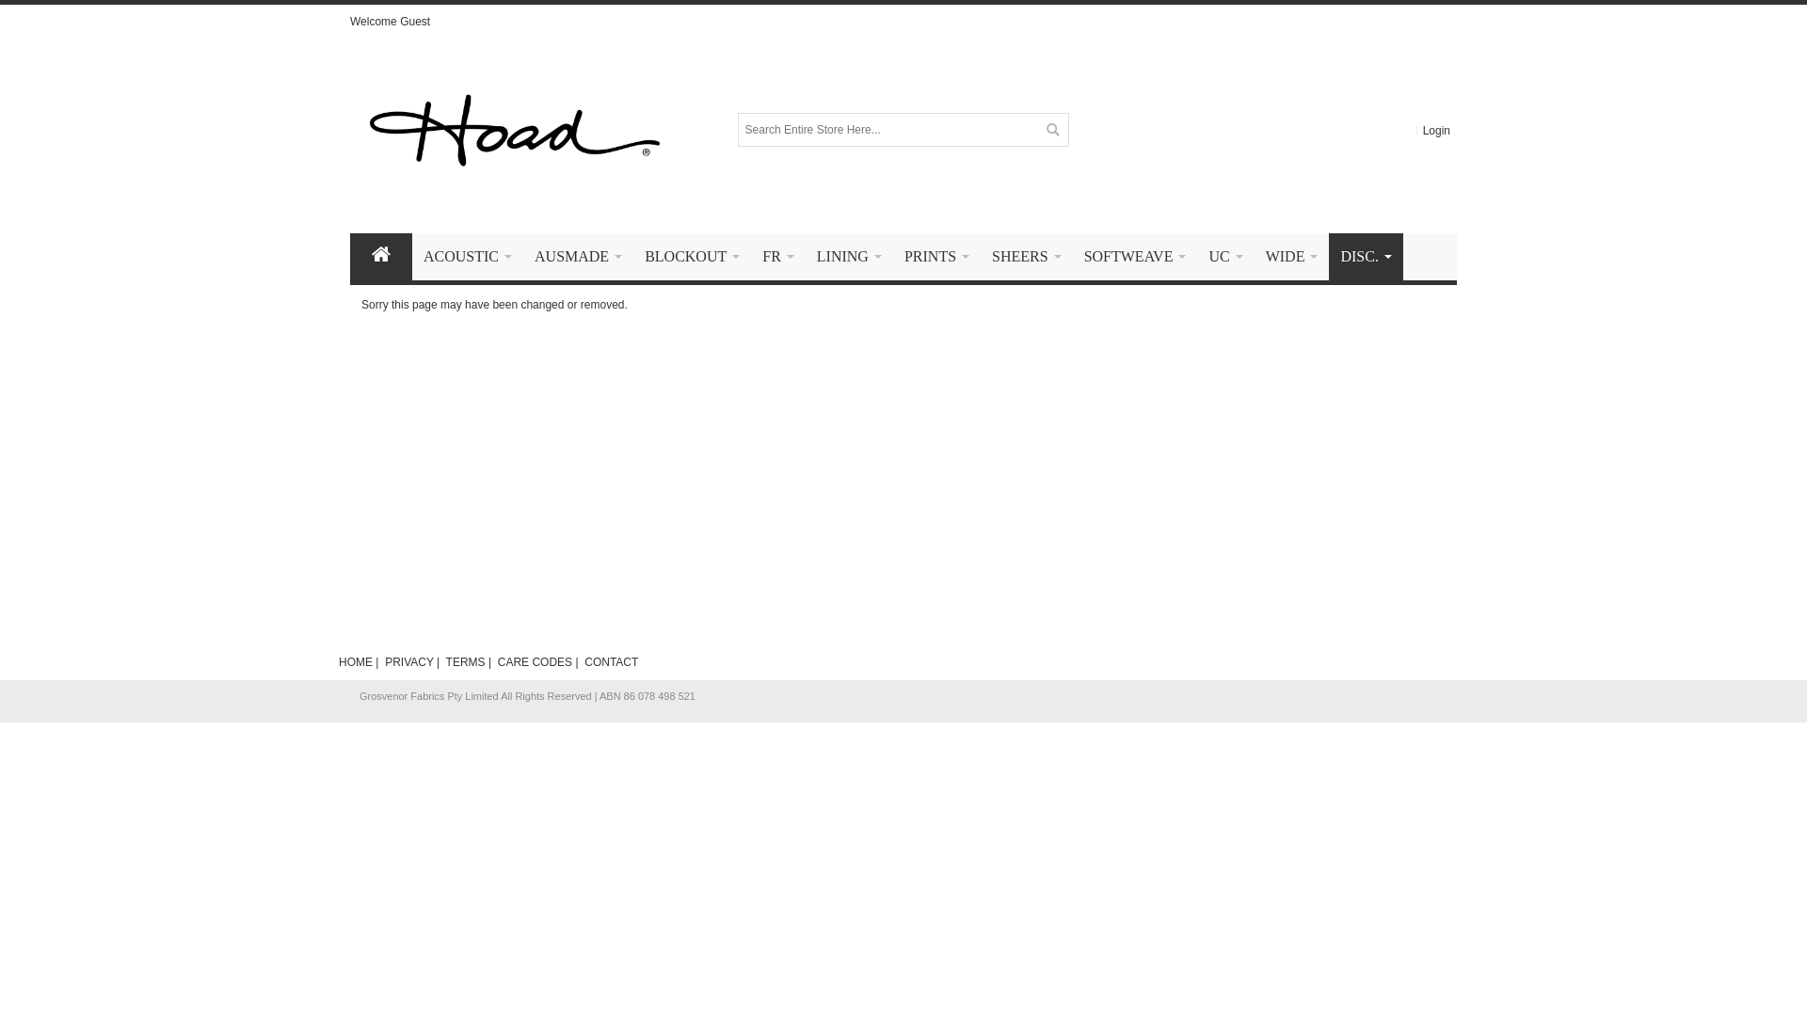  What do you see at coordinates (577, 257) in the screenshot?
I see `'AUSMADE  '` at bounding box center [577, 257].